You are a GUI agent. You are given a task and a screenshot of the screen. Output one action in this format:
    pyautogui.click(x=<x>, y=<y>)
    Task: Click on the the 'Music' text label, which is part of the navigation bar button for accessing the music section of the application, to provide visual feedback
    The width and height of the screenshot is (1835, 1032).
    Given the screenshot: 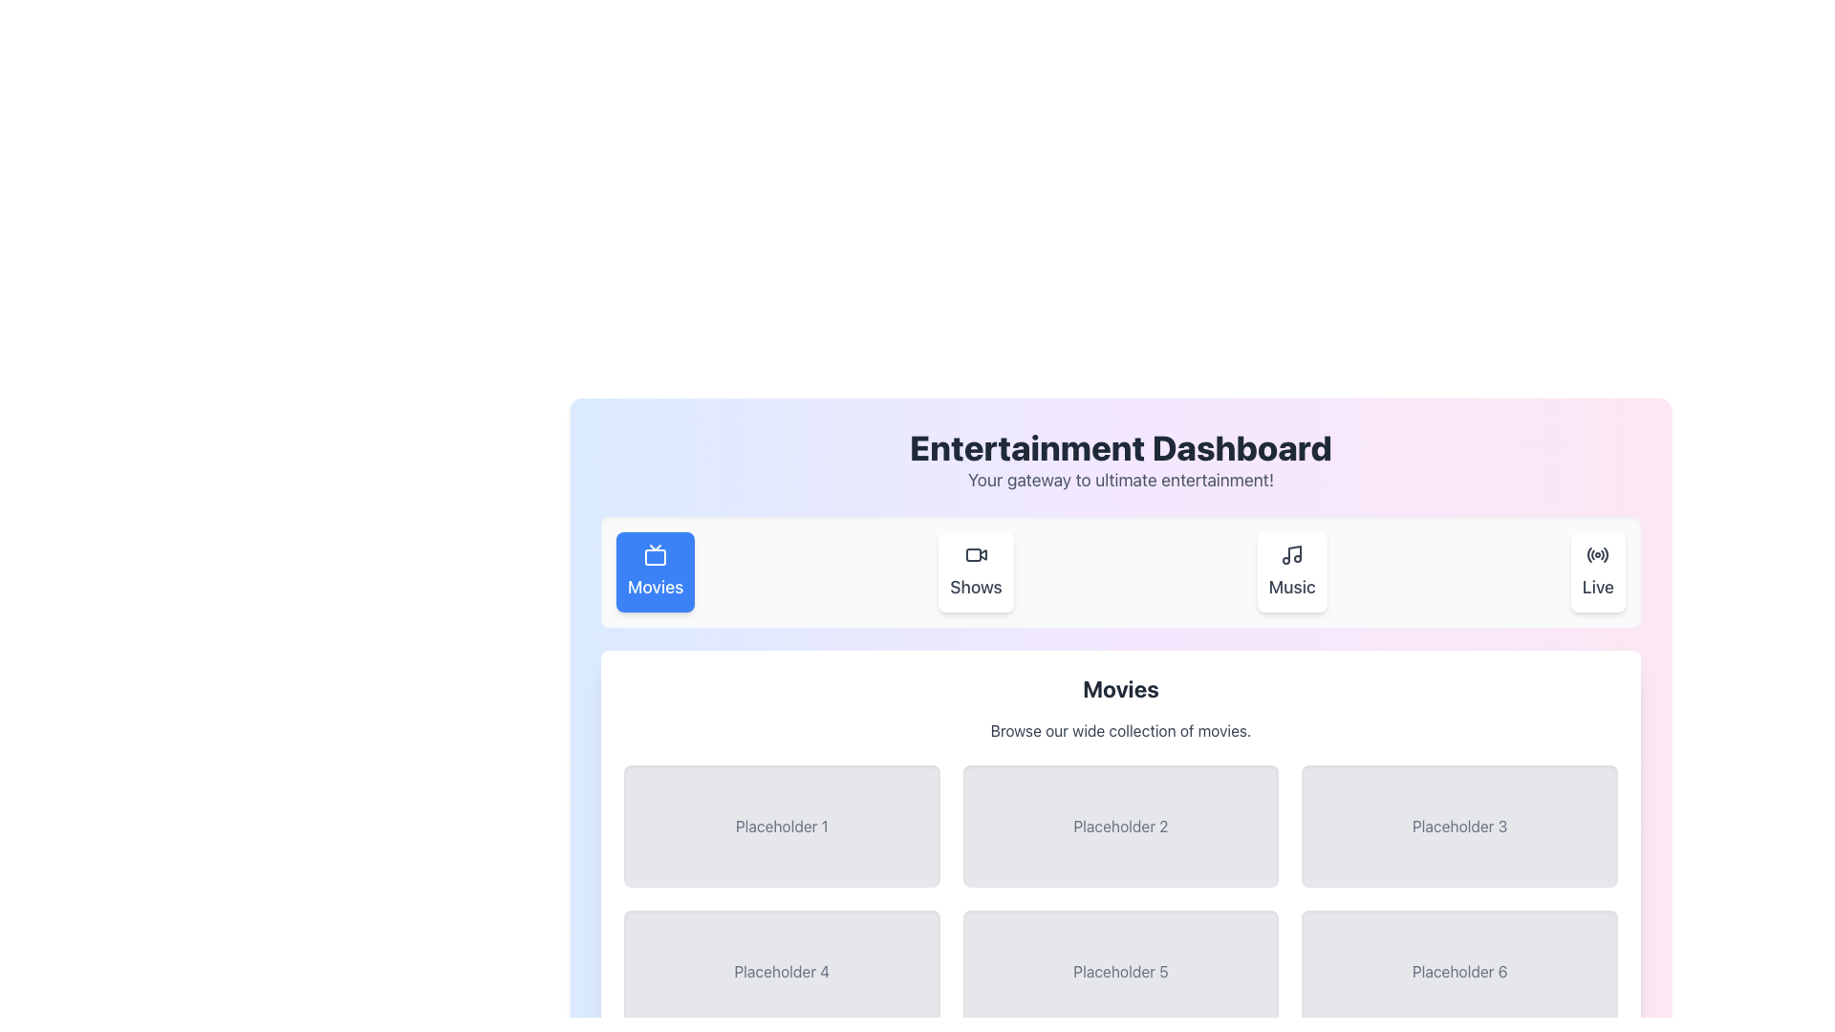 What is the action you would take?
    pyautogui.click(x=1292, y=586)
    